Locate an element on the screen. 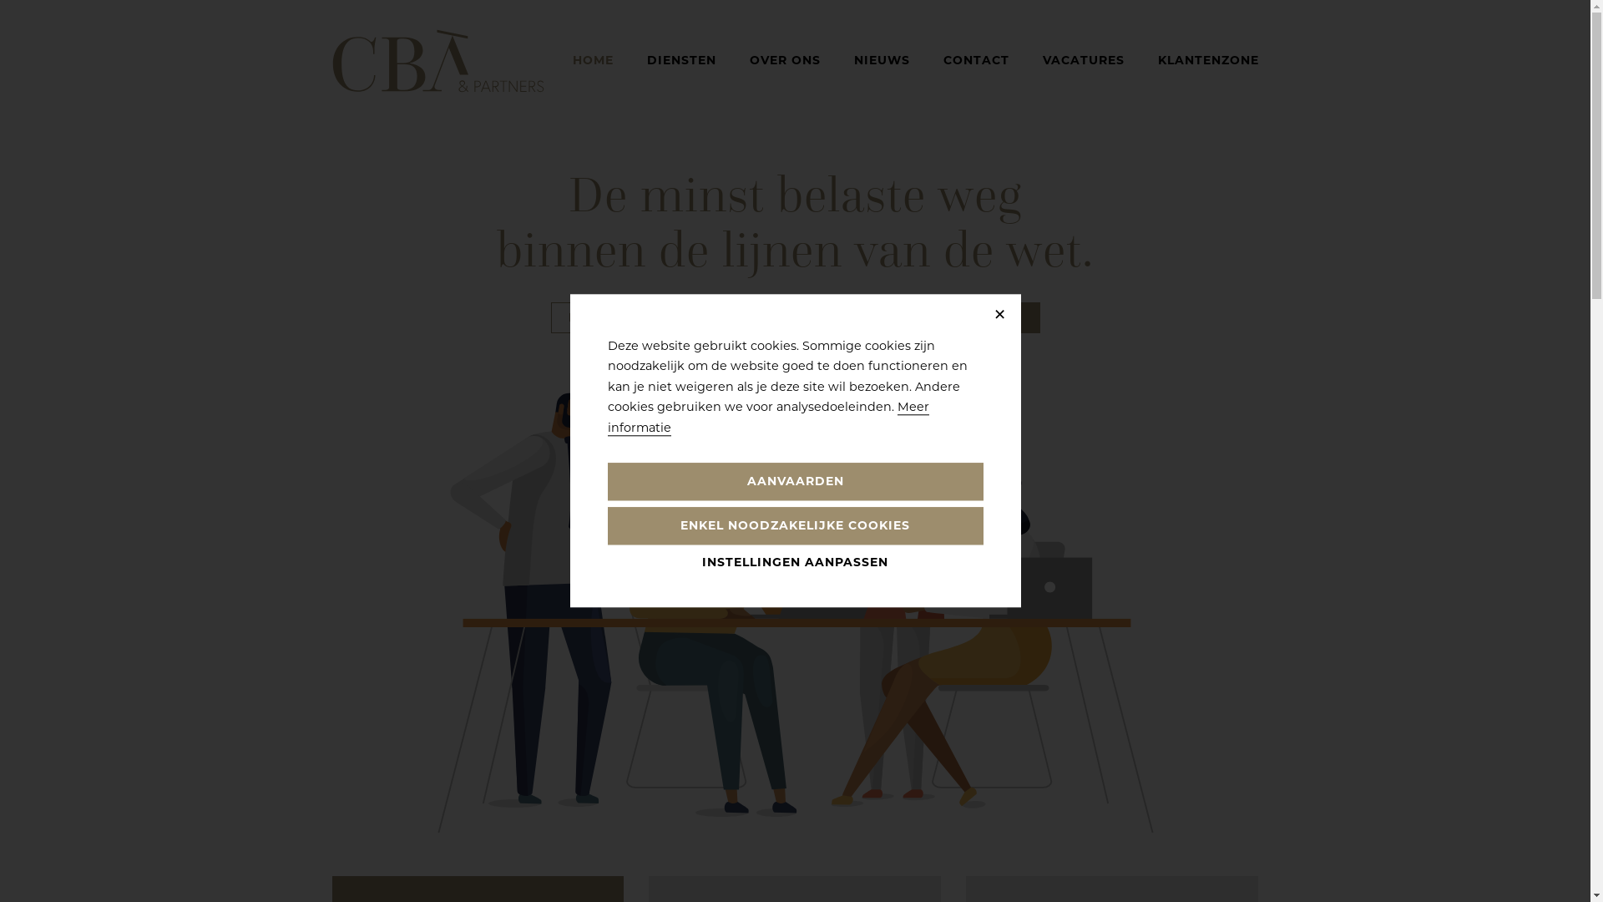  'CBA & Partners - Boekhouding & advies' is located at coordinates (332, 60).